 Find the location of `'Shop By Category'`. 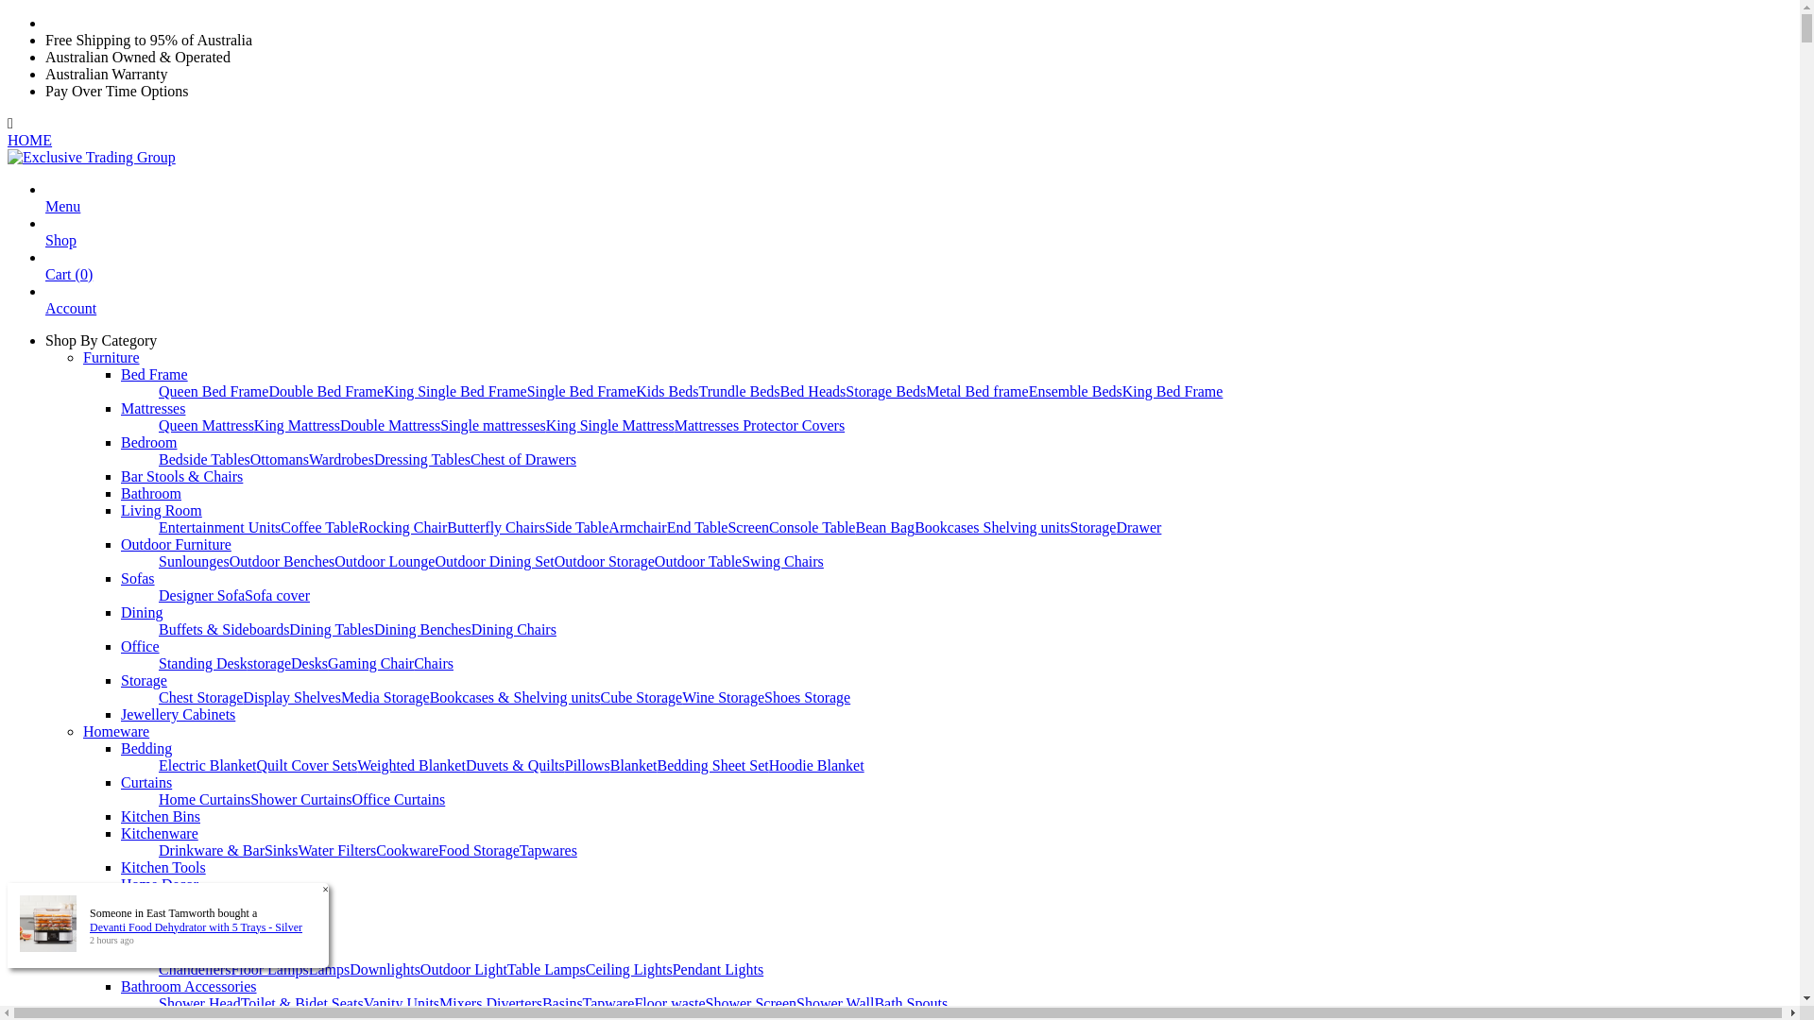

'Shop By Category' is located at coordinates (99, 340).